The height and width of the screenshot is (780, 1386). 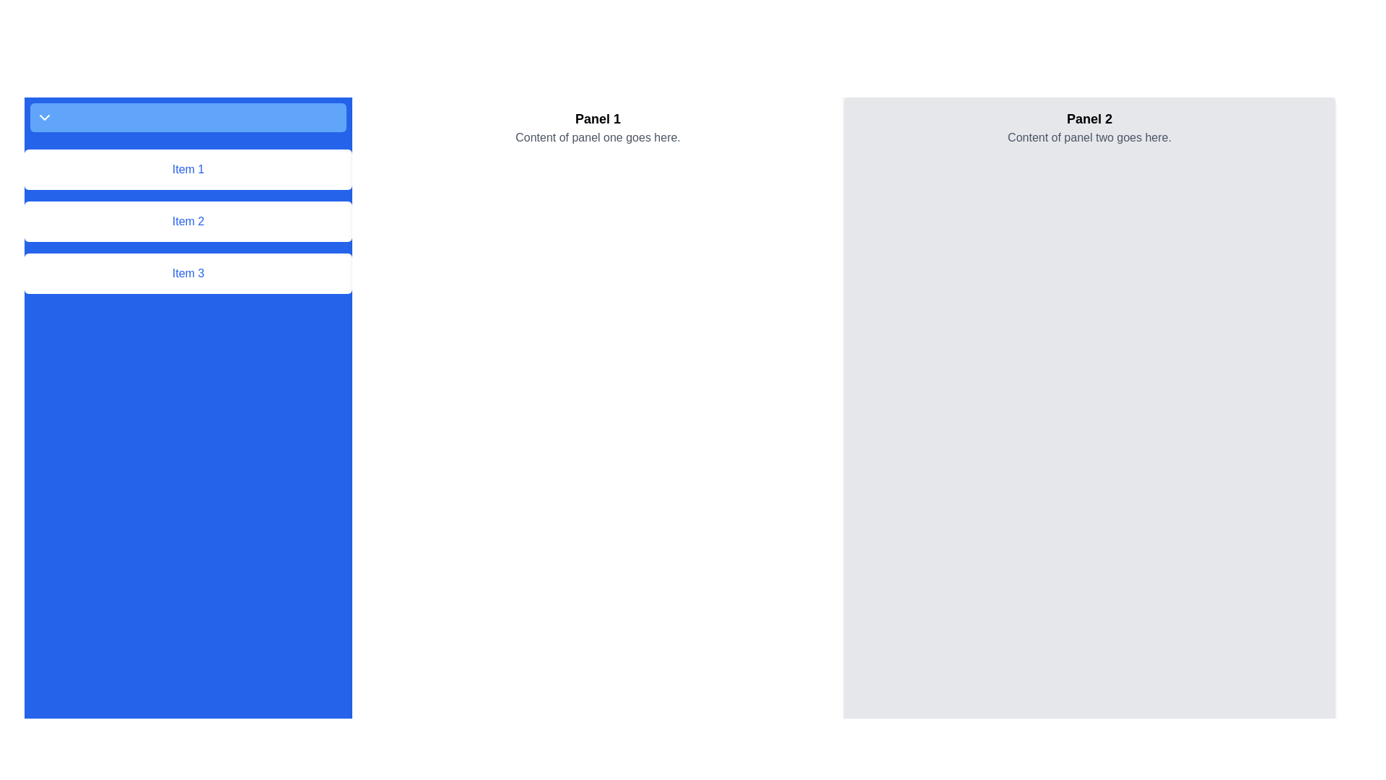 I want to click on the button representing 'Item 2' in the second slot of the vertical stack to trigger the hover effects, so click(x=187, y=222).